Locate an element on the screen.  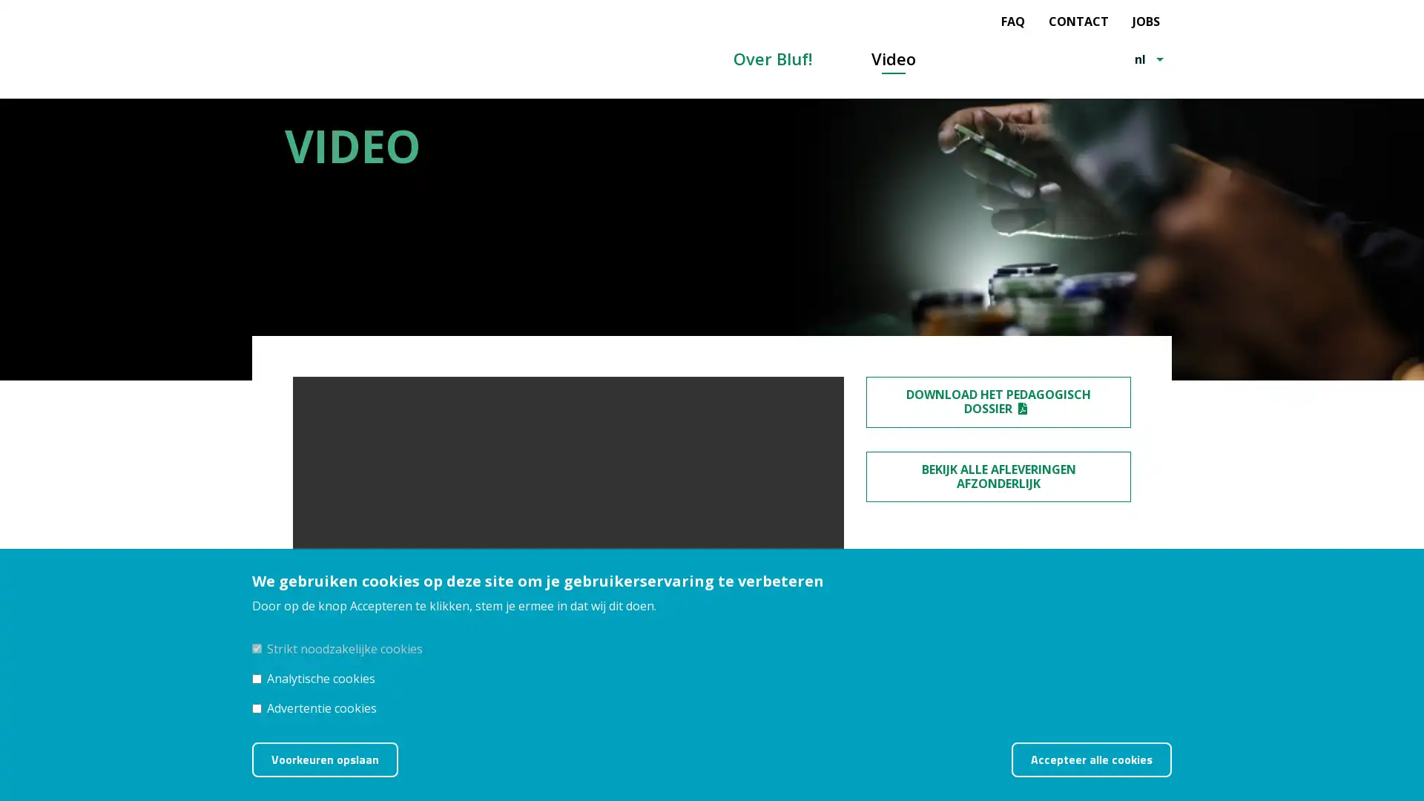
enter full screen is located at coordinates (789, 616).